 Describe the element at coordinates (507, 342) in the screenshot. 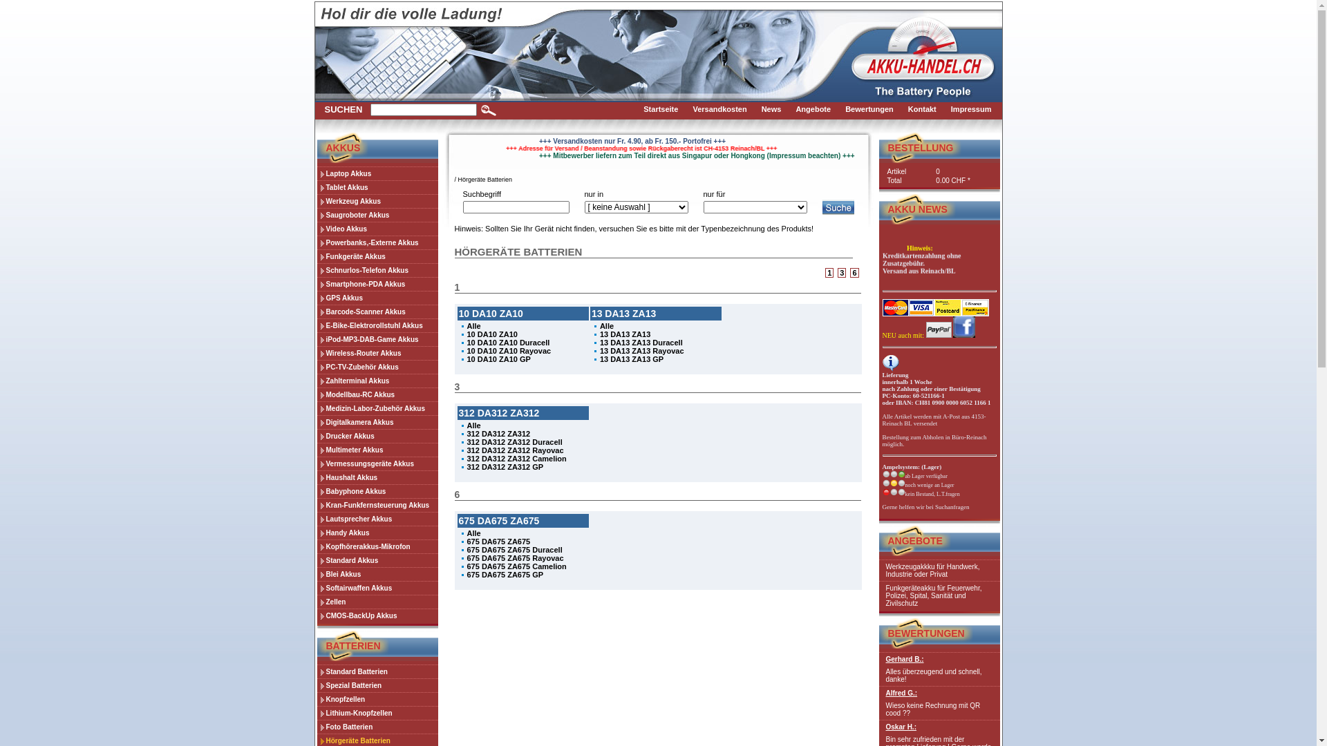

I see `'10 DA10 ZA10 Duracell'` at that location.